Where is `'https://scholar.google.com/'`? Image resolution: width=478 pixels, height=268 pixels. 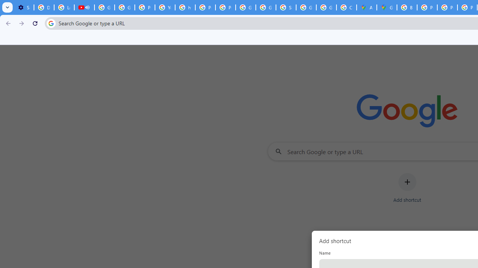
'https://scholar.google.com/' is located at coordinates (185, 7).